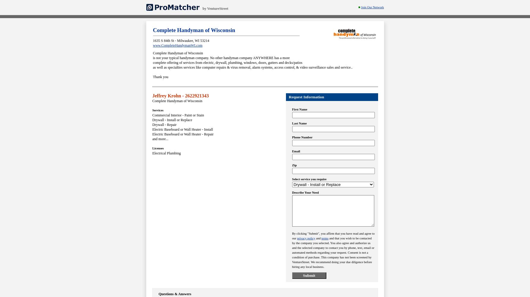 This screenshot has width=530, height=297. I want to click on 'and that you wish to be contacted by the company you selected. You also agree and authorize us and the selected company to contact you by phone, text, email or automated methods regarding your request. Consent is not a condition of purchase. This company has not been screened by VentureStreet. We recommend doing your due diligence before hiring any local business.', so click(292, 252).